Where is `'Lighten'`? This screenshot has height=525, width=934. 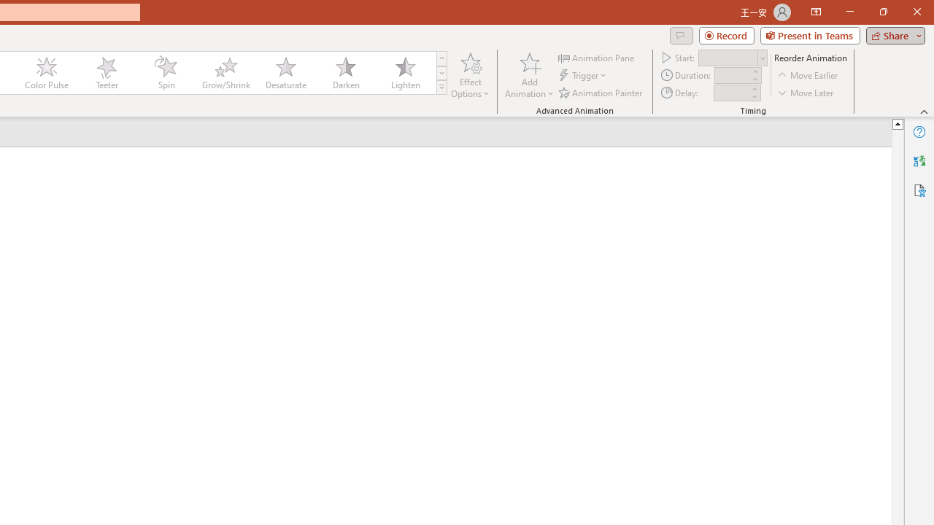
'Lighten' is located at coordinates (405, 73).